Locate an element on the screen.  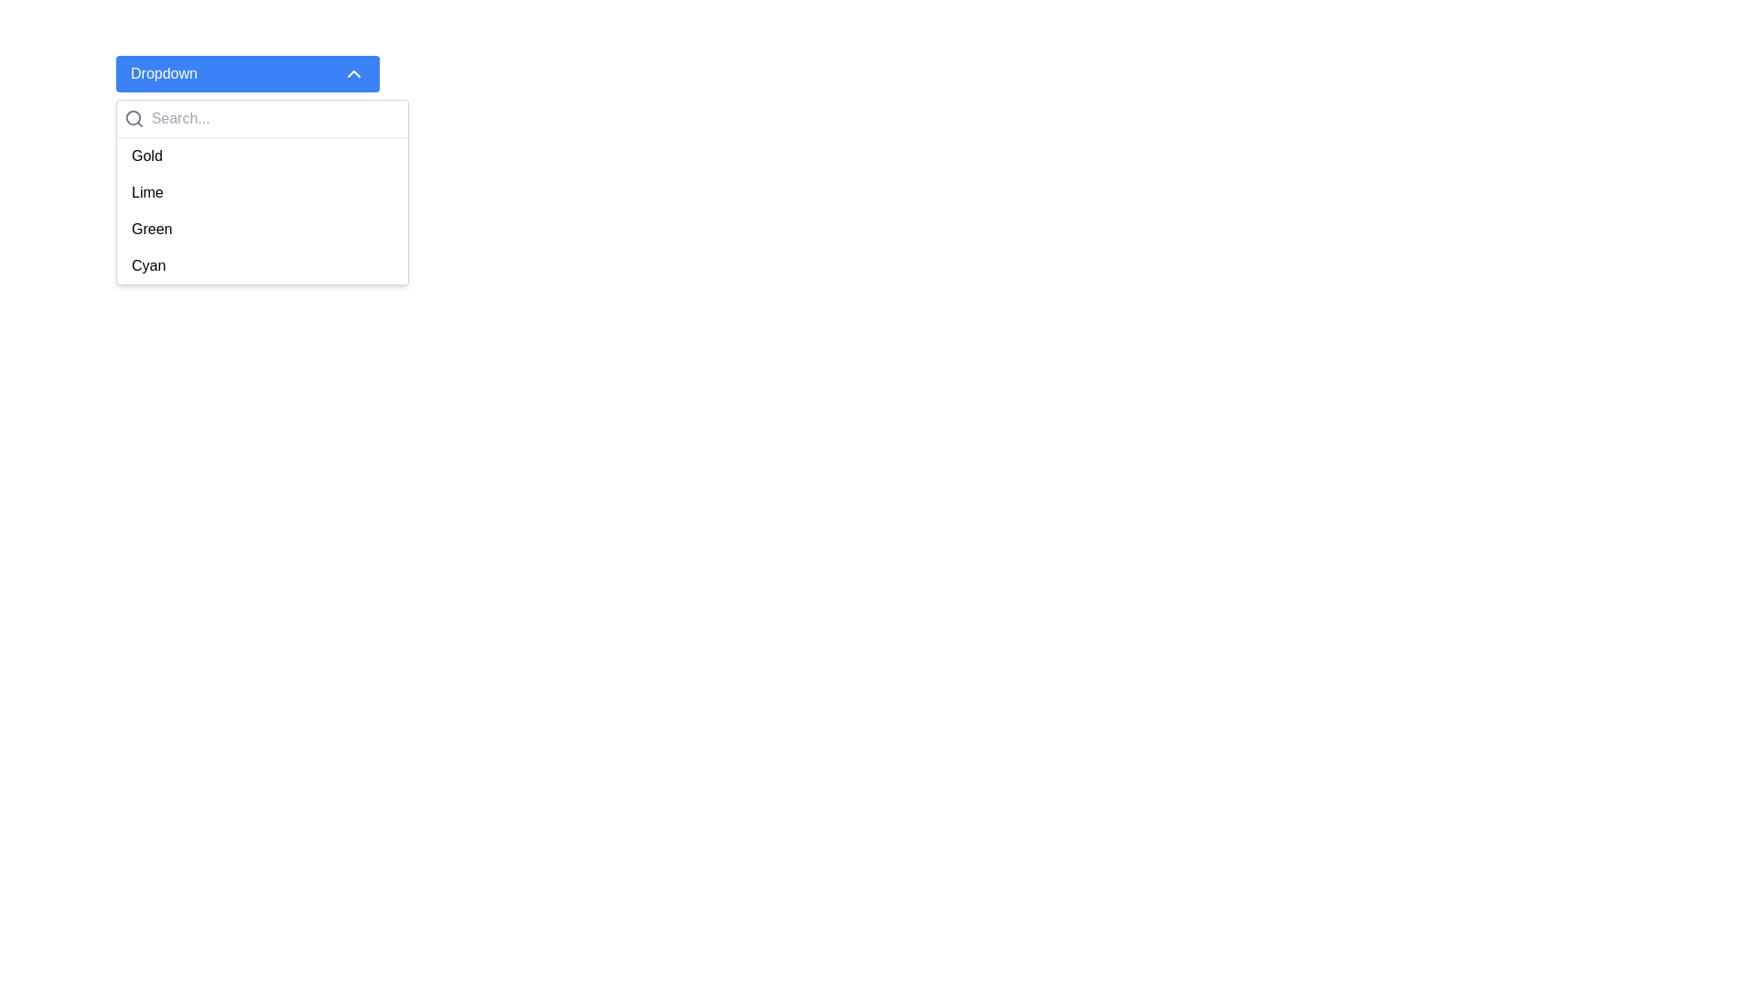
the chevron icon located on the right side of the 'Dropdown' button is located at coordinates (354, 73).